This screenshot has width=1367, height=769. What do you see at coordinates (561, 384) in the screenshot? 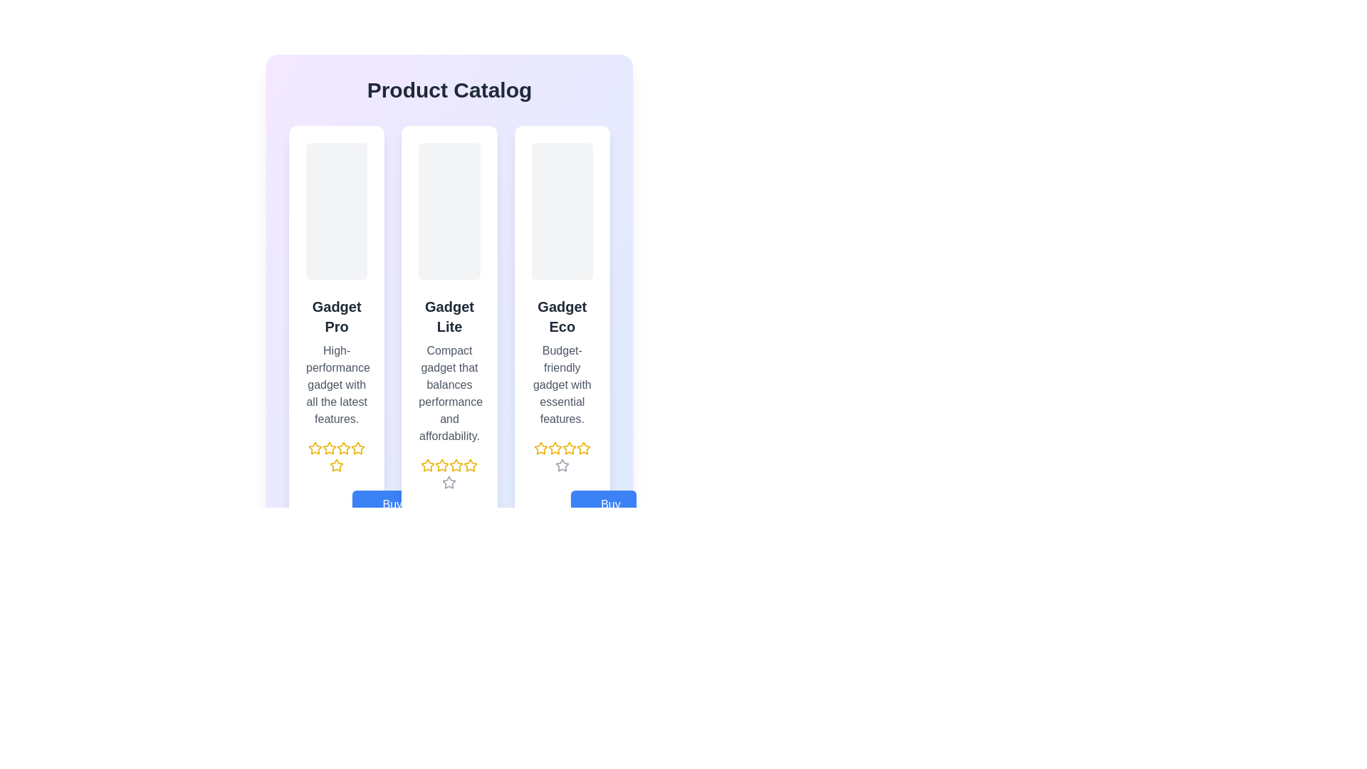
I see `the Text Label providing details about the product's features, located below the title 'Gadget Eco' in the third product card from the left in the product grid` at bounding box center [561, 384].